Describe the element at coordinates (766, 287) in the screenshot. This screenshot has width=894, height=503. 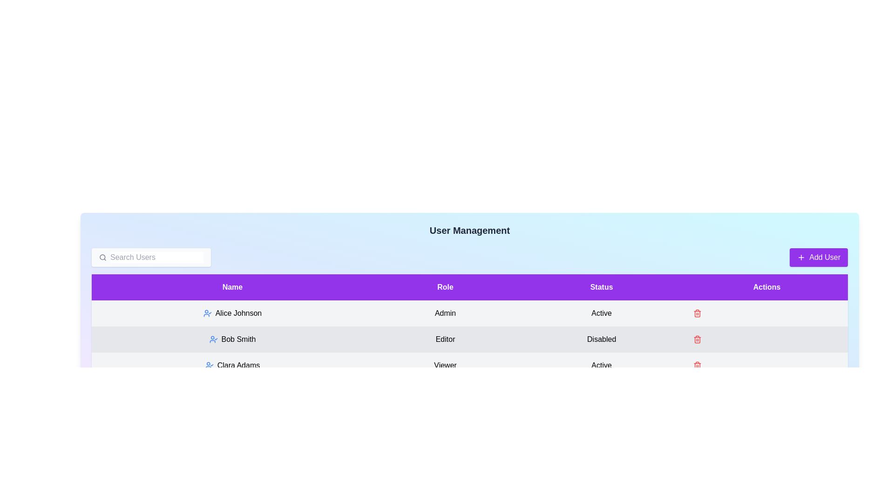
I see `the header Actions to sort the table by that column` at that location.